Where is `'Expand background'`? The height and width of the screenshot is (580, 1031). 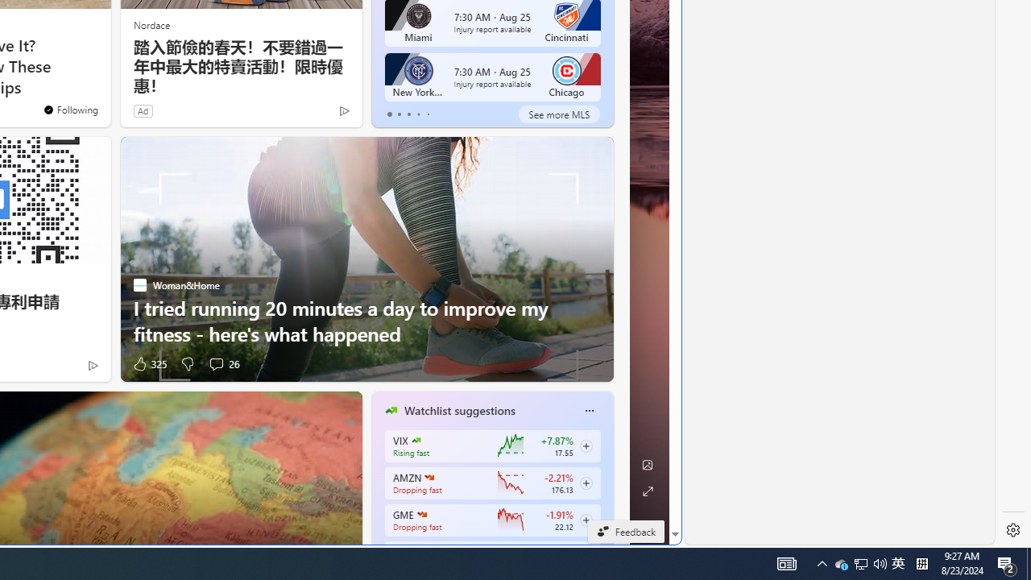 'Expand background' is located at coordinates (647, 491).